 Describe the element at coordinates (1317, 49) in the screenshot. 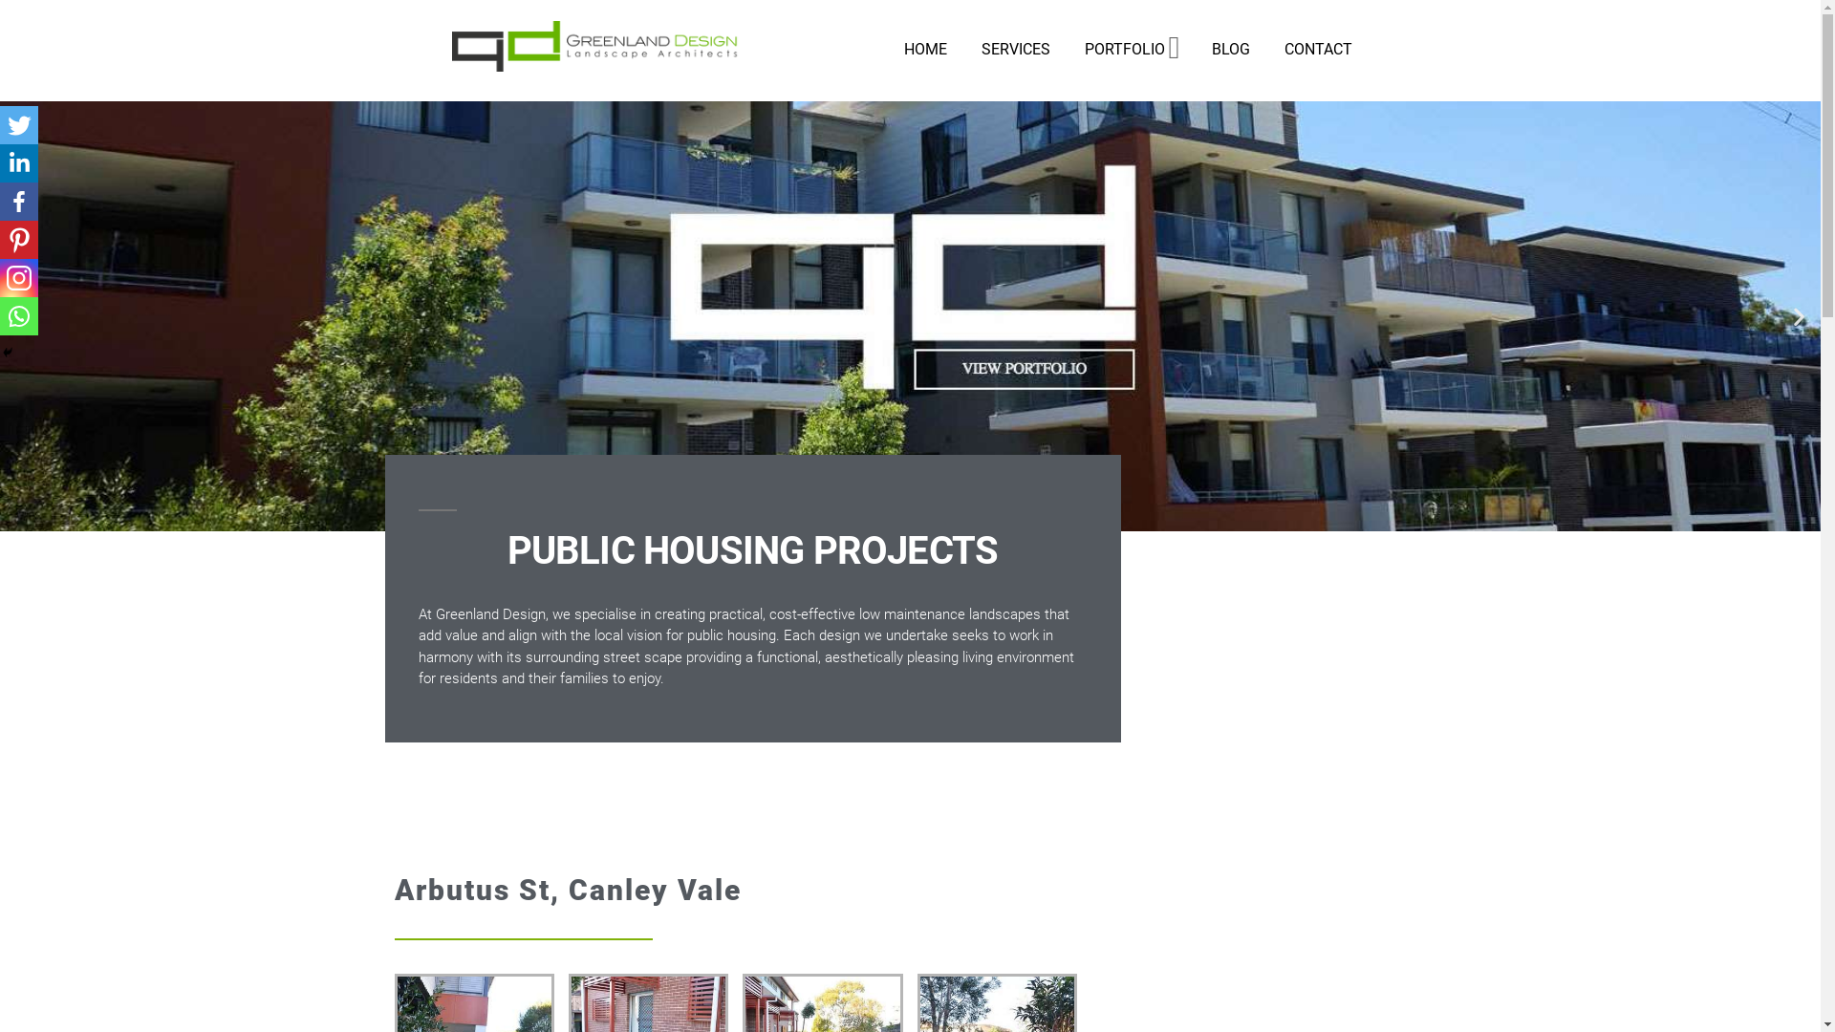

I see `'CONTACT'` at that location.